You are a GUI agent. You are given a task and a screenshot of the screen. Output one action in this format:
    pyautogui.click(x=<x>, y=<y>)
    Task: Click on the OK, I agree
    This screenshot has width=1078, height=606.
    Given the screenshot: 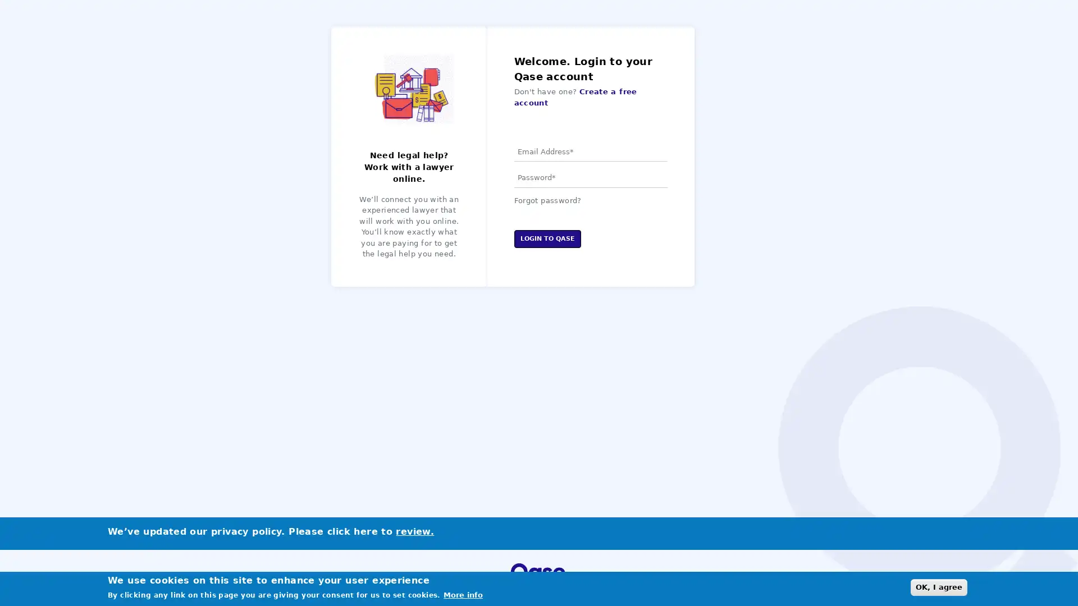 What is the action you would take?
    pyautogui.click(x=939, y=586)
    